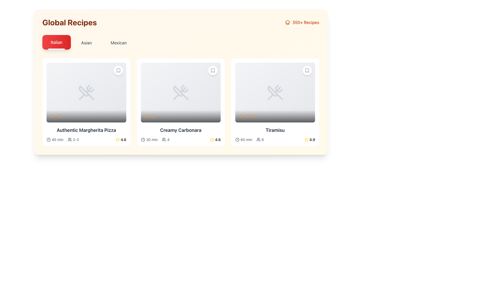  I want to click on the flame icon located in the bottom-left corner of the second card in a group of three horizontally arranged cards, representing heat or spice, so click(147, 116).